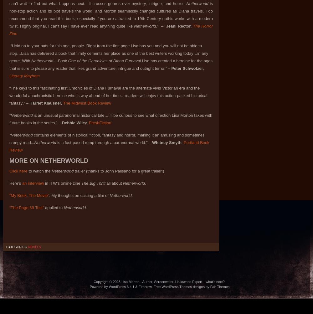 This screenshot has height=314, width=313. Describe the element at coordinates (9, 64) in the screenshot. I see `'Lisa has created a heroine for the ages that is sure to please any reader that likes grand adventure, intrigue and outright terror.” –'` at that location.